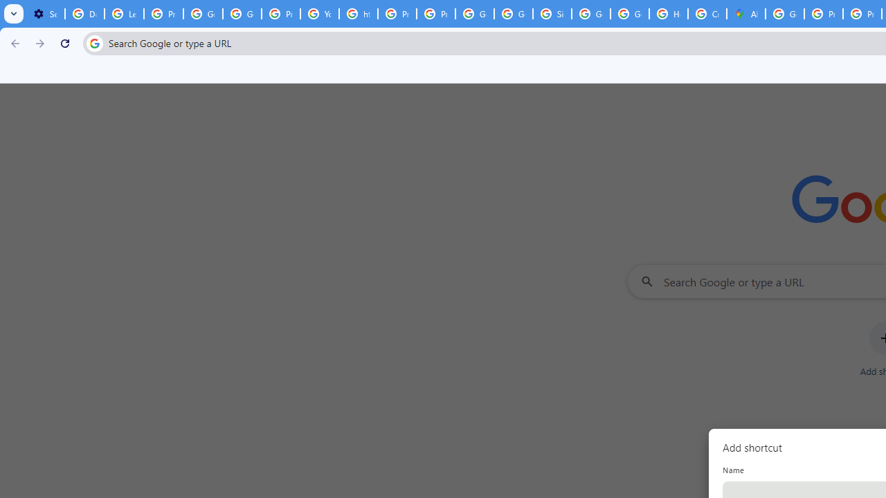  What do you see at coordinates (124, 14) in the screenshot?
I see `'Learn how to find your photos - Google Photos Help'` at bounding box center [124, 14].